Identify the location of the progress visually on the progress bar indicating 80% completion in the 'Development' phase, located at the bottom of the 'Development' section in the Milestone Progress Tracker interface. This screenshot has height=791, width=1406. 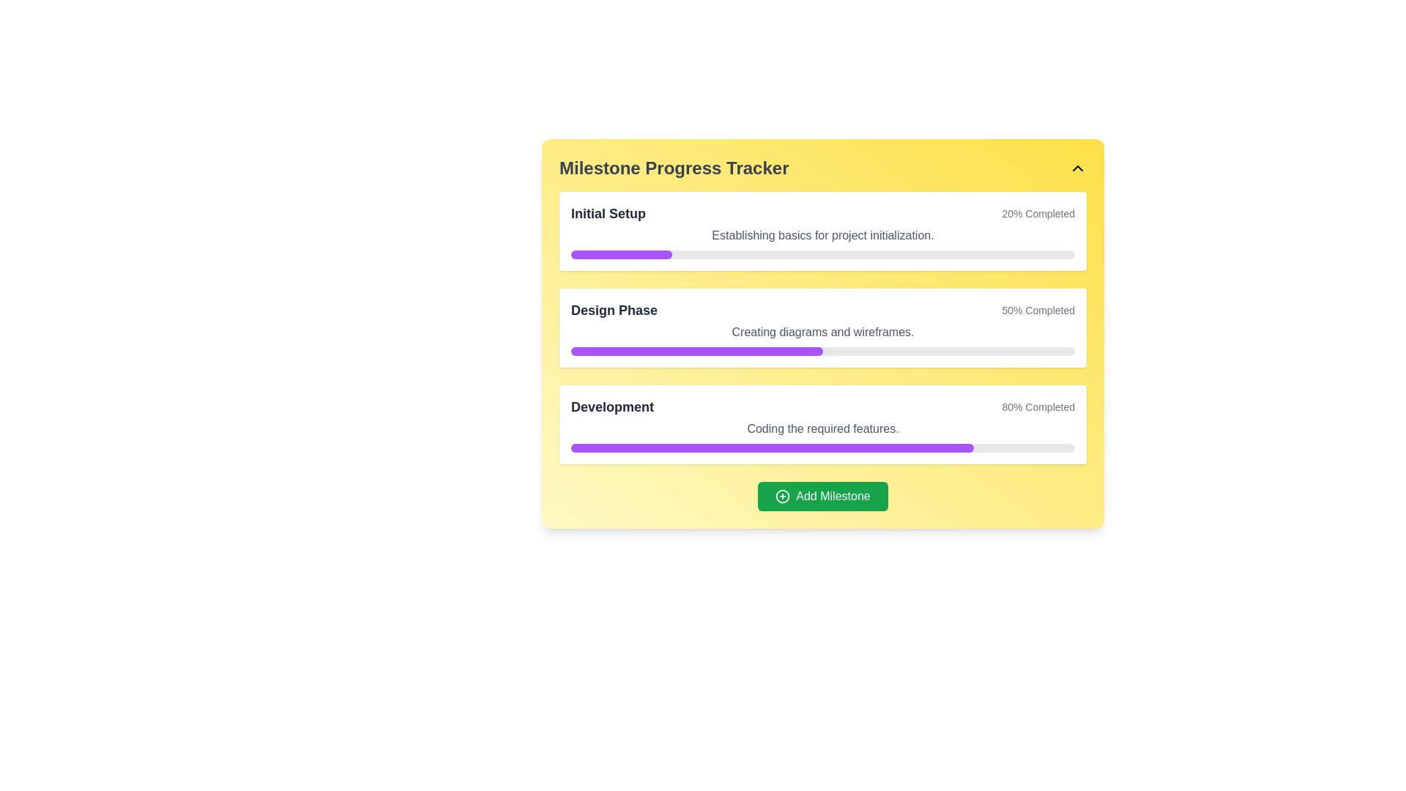
(772, 448).